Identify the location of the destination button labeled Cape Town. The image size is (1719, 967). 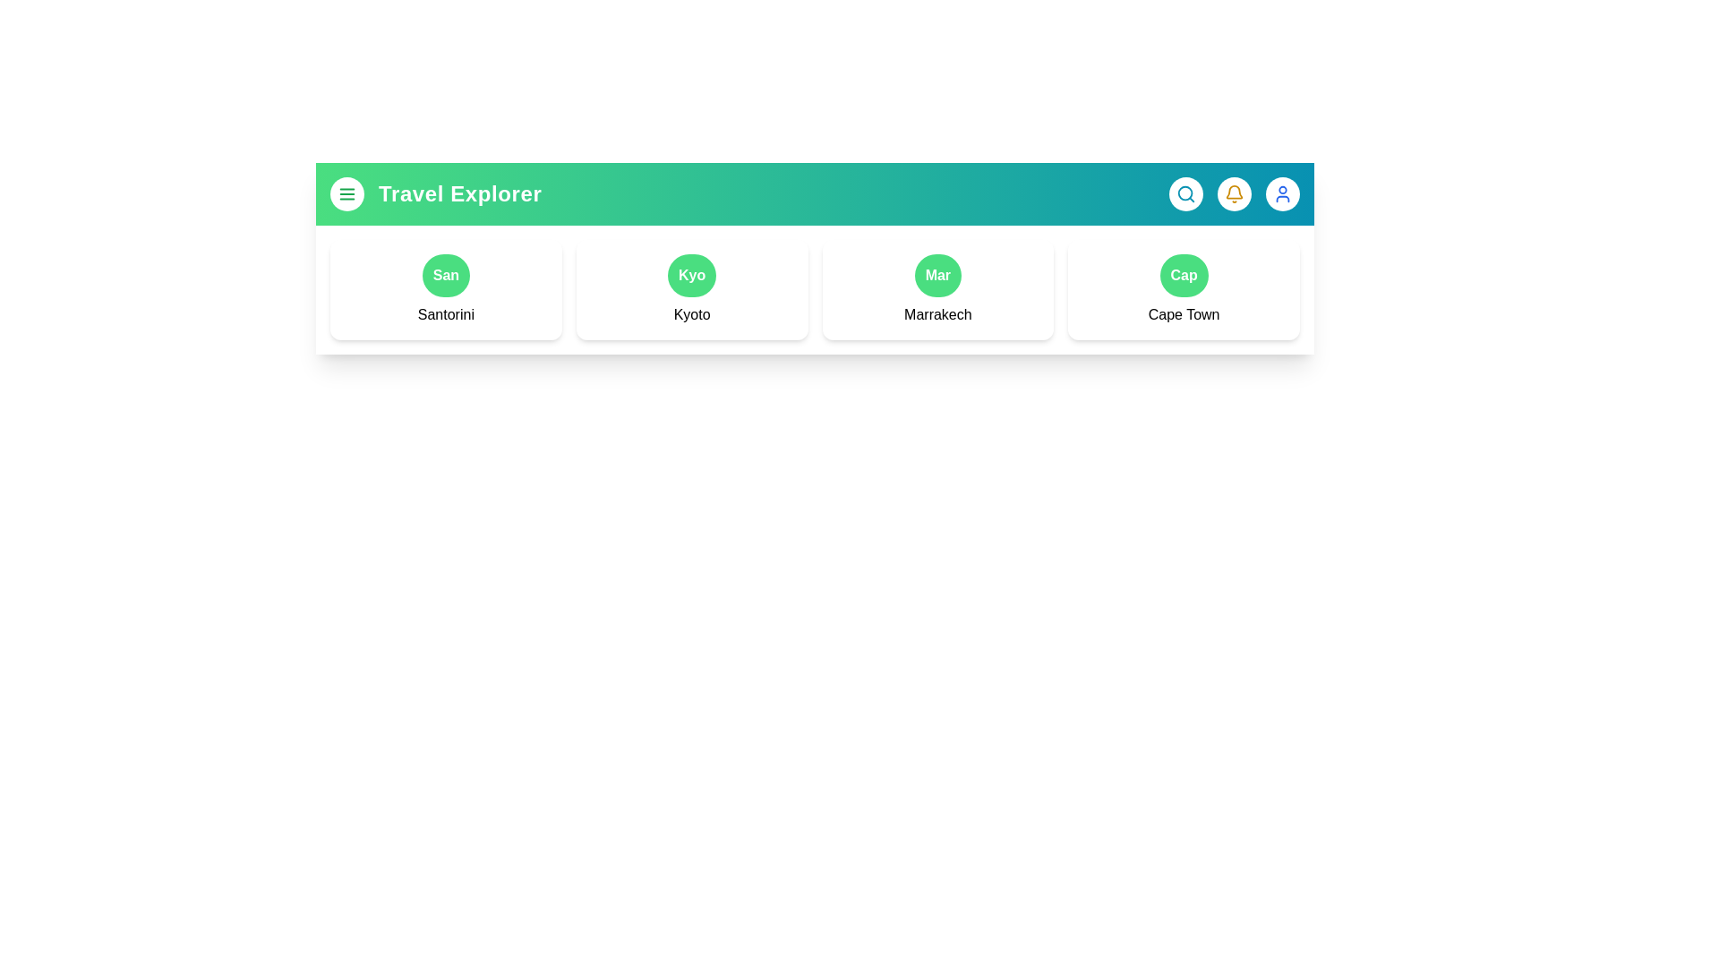
(1183, 276).